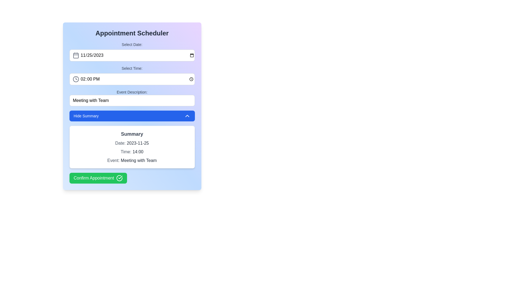 The width and height of the screenshot is (519, 292). I want to click on the text label stating 'Event Description:' which is positioned above the input field for event description in the form, so click(132, 92).